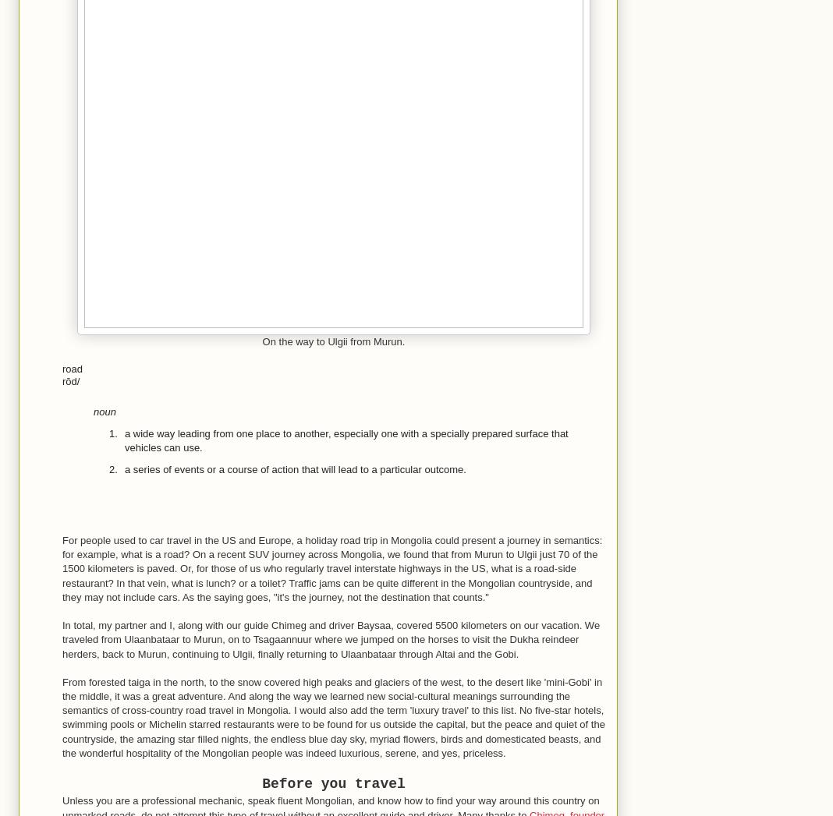 The image size is (833, 816). What do you see at coordinates (109, 433) in the screenshot?
I see `'1.'` at bounding box center [109, 433].